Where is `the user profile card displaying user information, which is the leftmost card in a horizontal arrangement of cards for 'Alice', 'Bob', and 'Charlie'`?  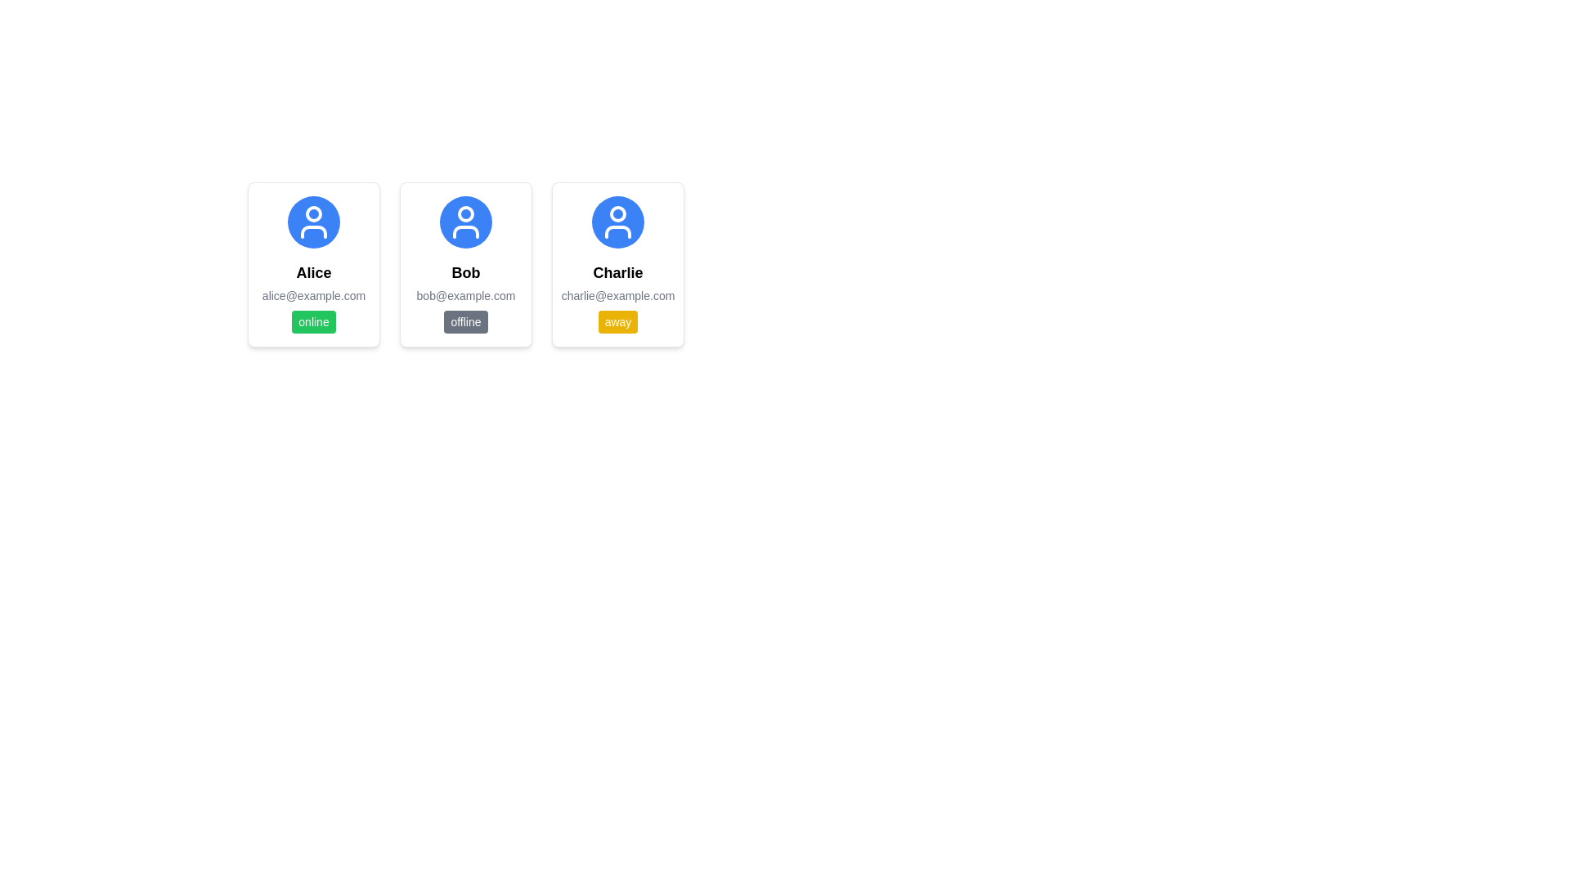 the user profile card displaying user information, which is the leftmost card in a horizontal arrangement of cards for 'Alice', 'Bob', and 'Charlie' is located at coordinates (314, 264).